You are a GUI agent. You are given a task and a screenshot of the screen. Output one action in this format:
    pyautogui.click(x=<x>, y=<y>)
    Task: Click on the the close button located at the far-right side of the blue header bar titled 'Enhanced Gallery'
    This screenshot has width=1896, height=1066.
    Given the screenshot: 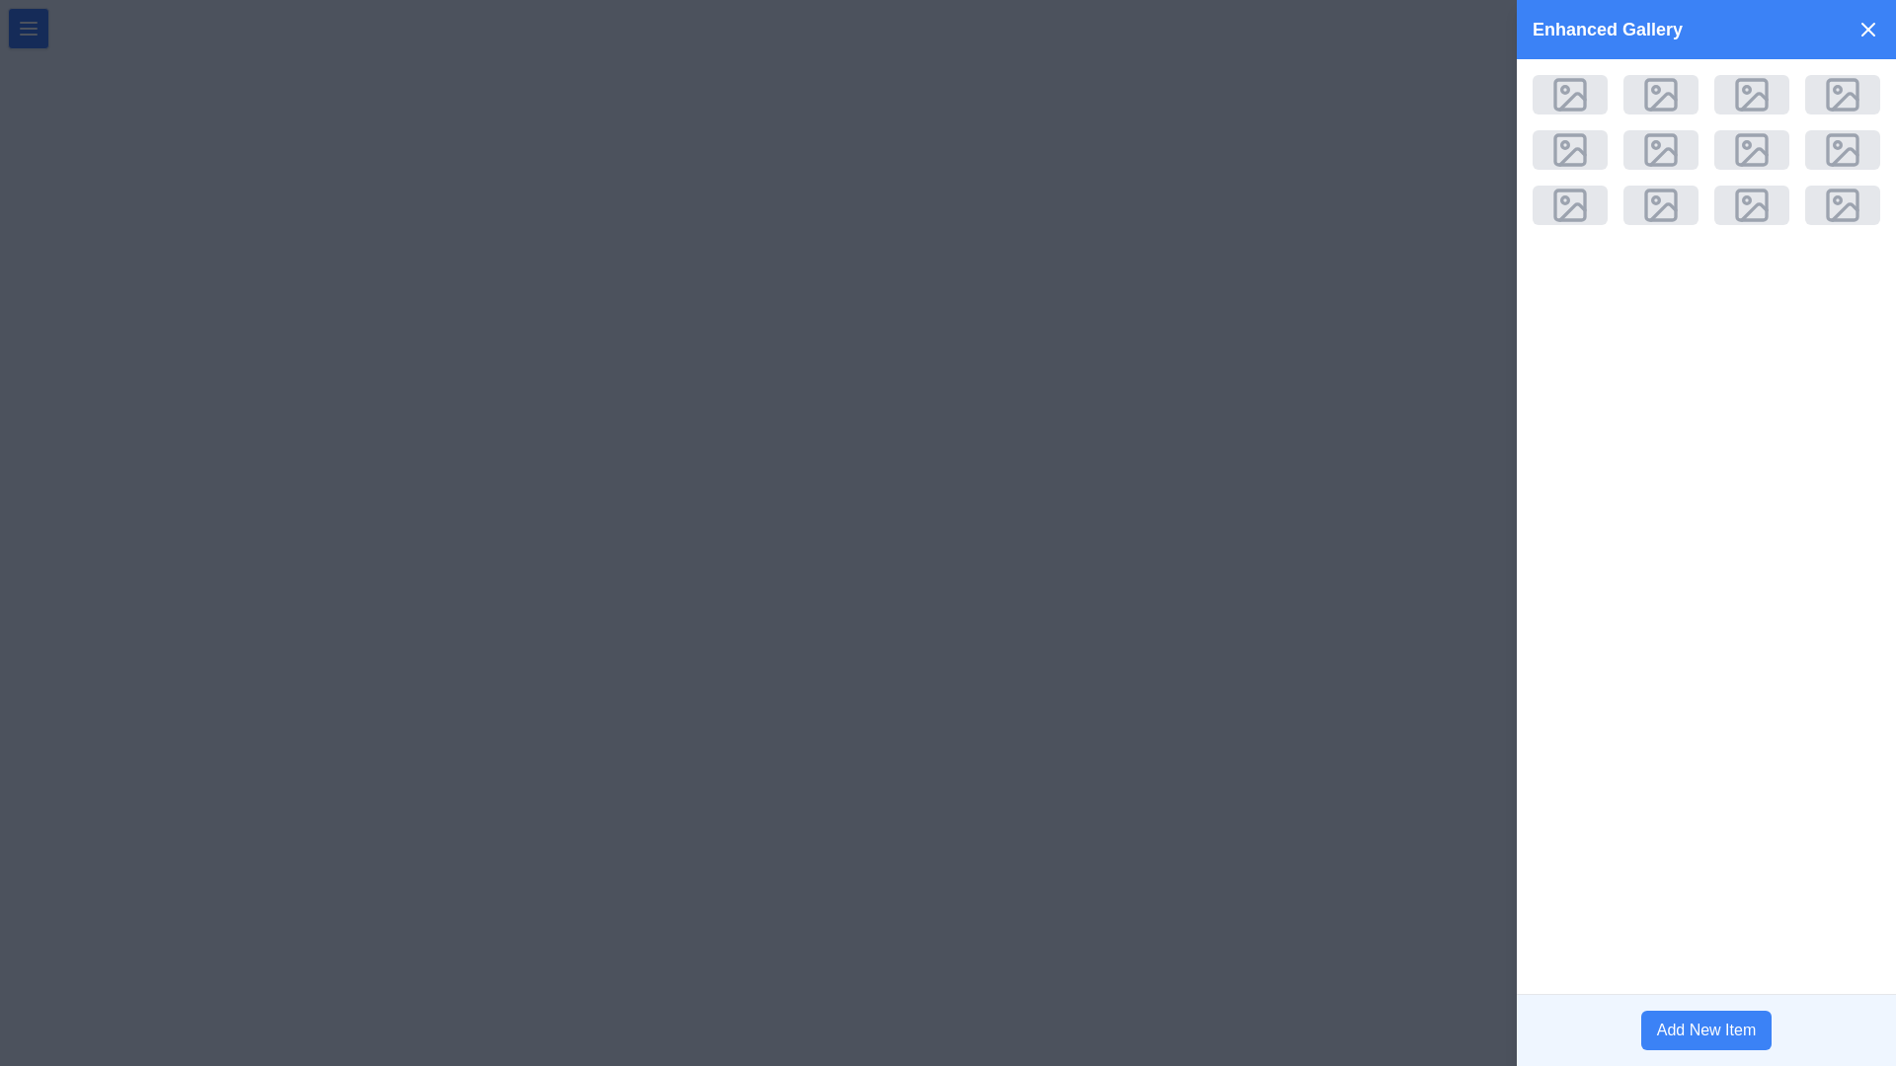 What is the action you would take?
    pyautogui.click(x=1866, y=30)
    